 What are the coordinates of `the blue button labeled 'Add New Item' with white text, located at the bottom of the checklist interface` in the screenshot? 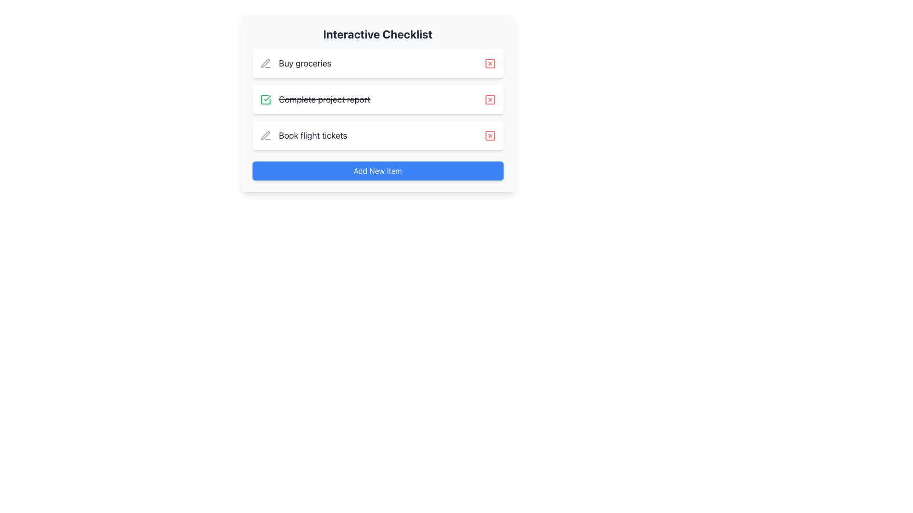 It's located at (377, 170).